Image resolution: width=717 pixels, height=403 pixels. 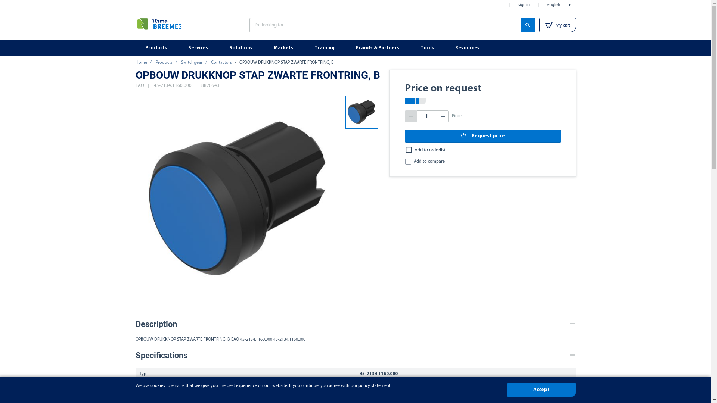 I want to click on 'Brands & Partners', so click(x=345, y=47).